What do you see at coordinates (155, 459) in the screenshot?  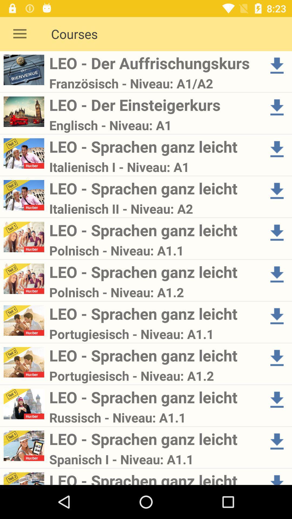 I see `the spanisch i niveau` at bounding box center [155, 459].